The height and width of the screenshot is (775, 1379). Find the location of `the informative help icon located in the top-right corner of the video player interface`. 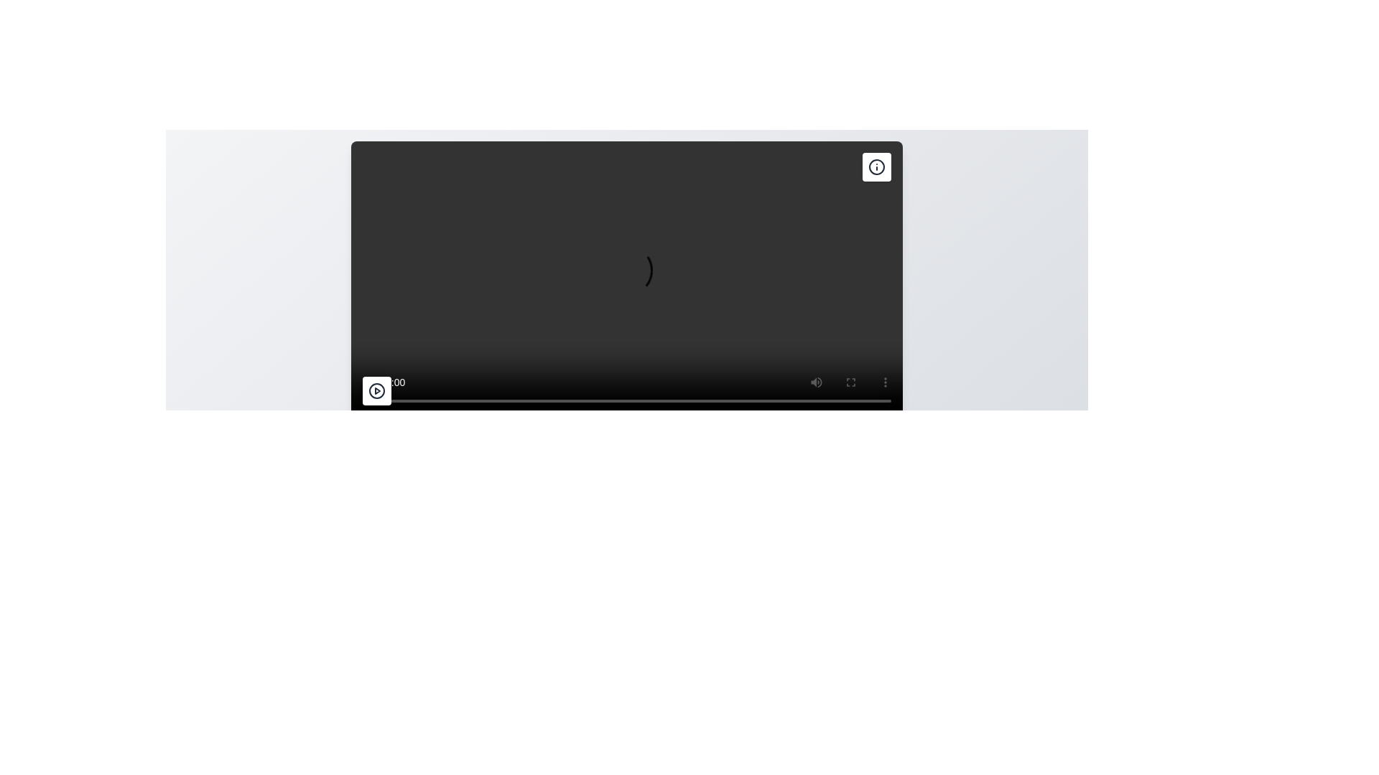

the informative help icon located in the top-right corner of the video player interface is located at coordinates (876, 166).